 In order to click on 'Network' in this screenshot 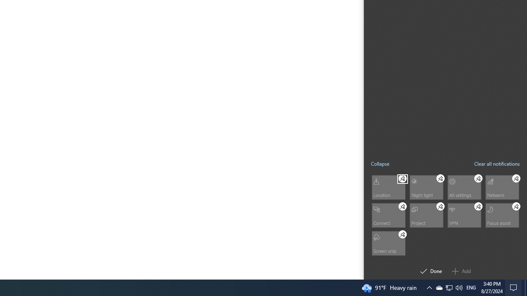, I will do `click(501, 187)`.